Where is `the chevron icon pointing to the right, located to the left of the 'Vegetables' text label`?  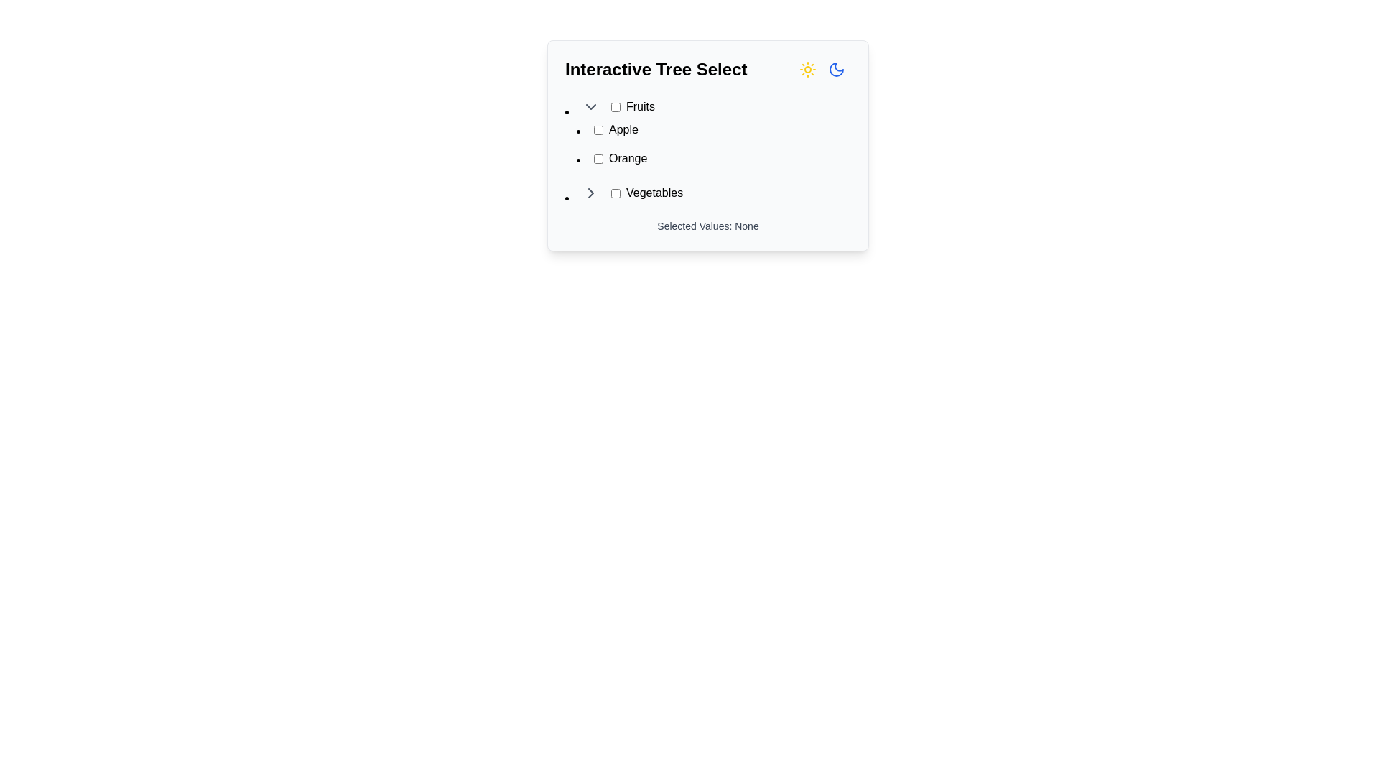 the chevron icon pointing to the right, located to the left of the 'Vegetables' text label is located at coordinates (590, 193).